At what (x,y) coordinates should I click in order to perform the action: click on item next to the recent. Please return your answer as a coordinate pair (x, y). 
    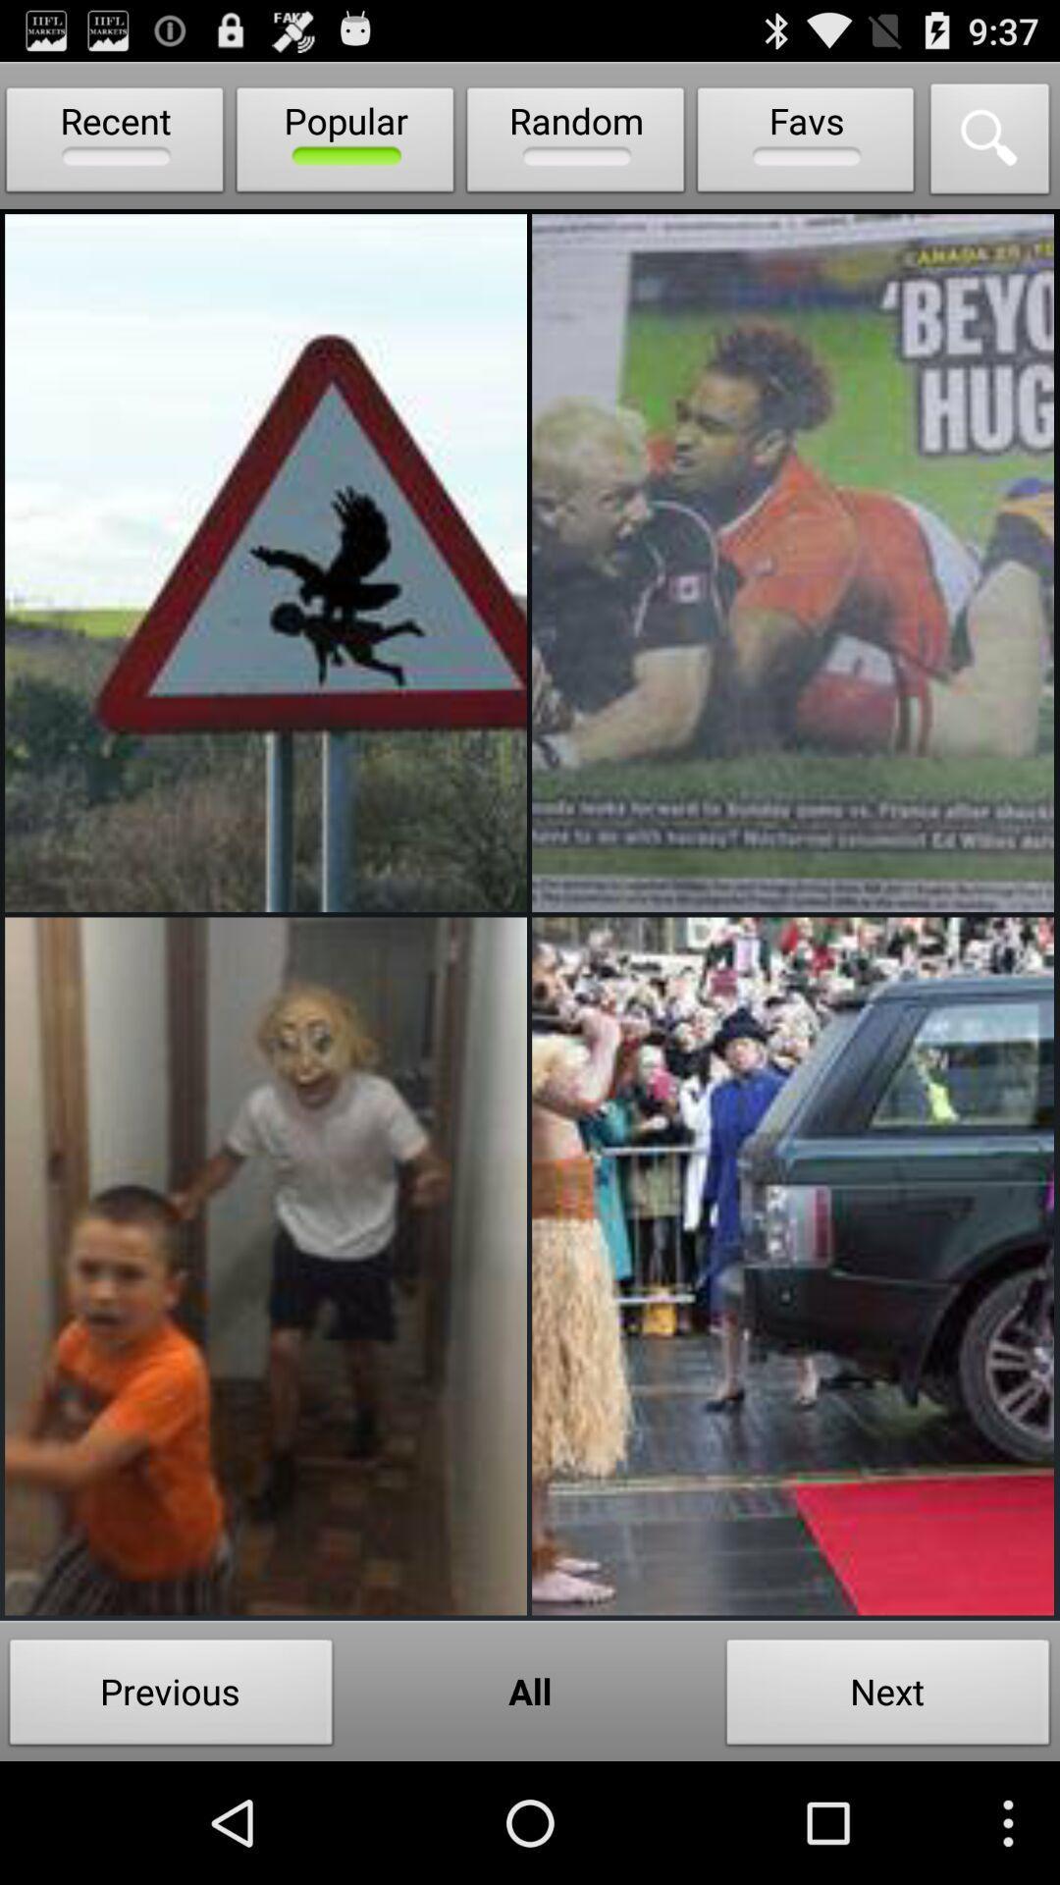
    Looking at the image, I should click on (344, 143).